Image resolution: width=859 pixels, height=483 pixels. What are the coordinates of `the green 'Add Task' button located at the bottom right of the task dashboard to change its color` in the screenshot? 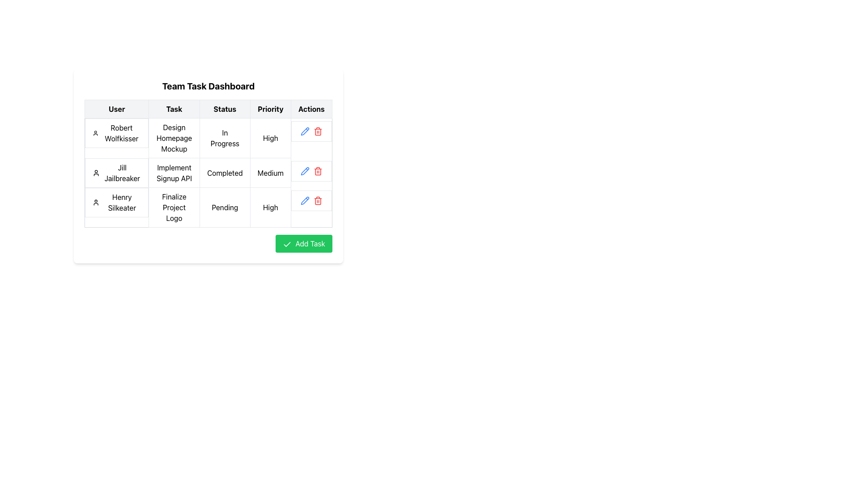 It's located at (304, 243).